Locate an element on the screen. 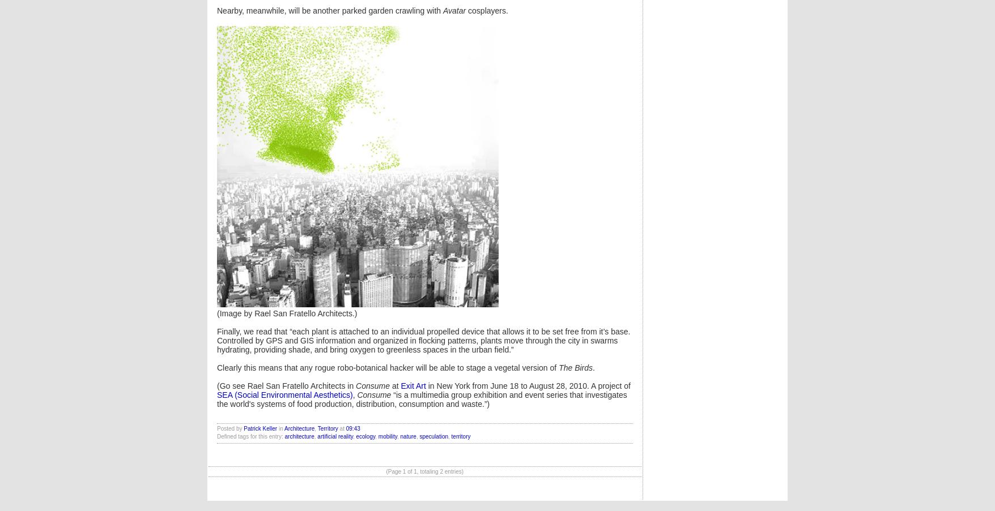  'mobility' is located at coordinates (387, 436).